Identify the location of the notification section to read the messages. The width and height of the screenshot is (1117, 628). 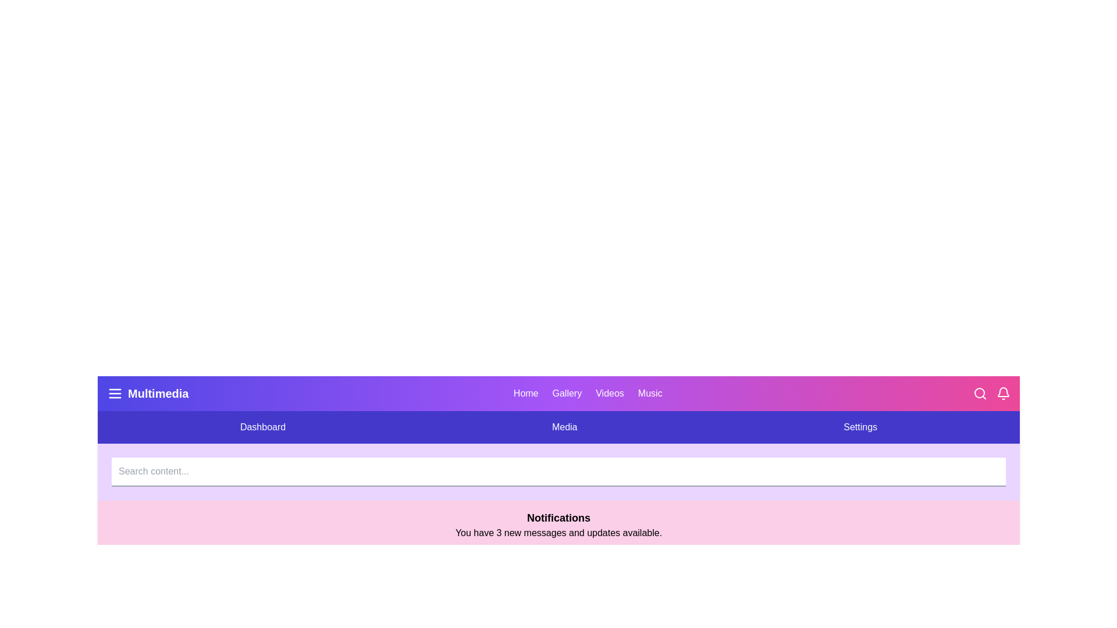
(558, 524).